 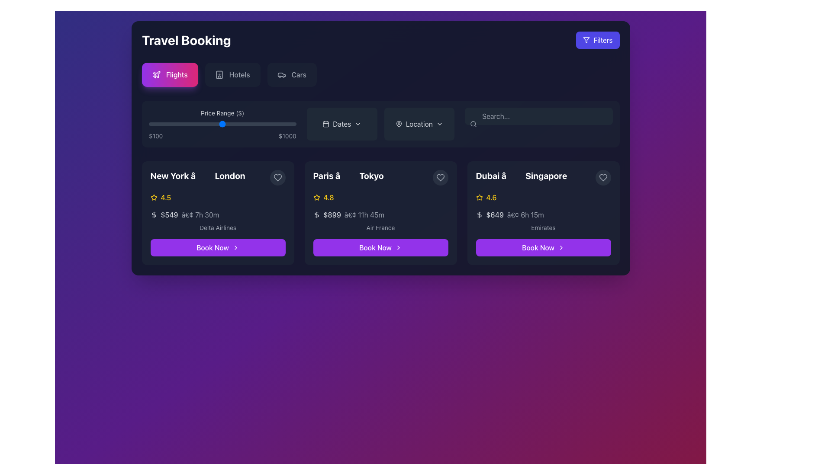 What do you see at coordinates (479, 214) in the screenshot?
I see `the decorative monetary icon located to the left of the price text '$649' in the flight card from Dubai to Singapore` at bounding box center [479, 214].